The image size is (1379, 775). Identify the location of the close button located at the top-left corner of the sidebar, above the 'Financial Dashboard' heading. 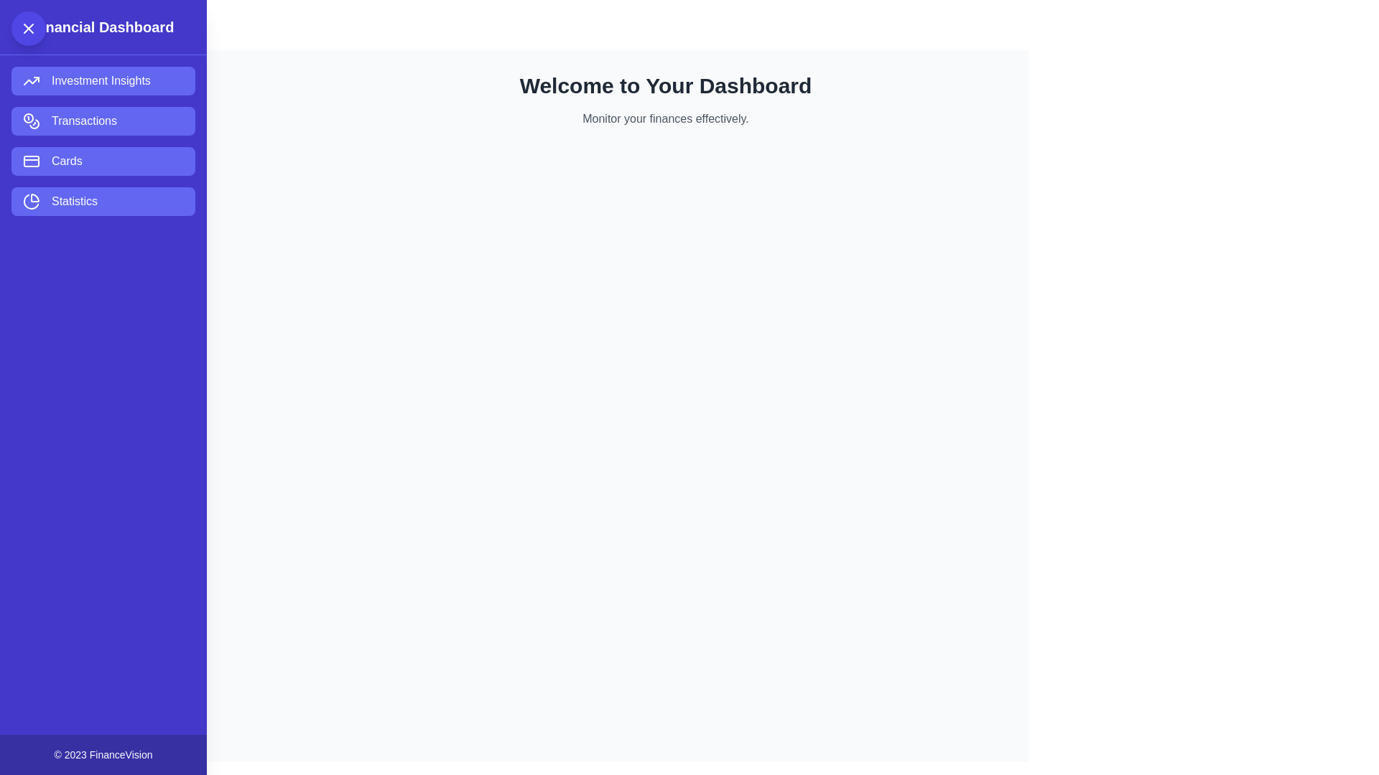
(28, 28).